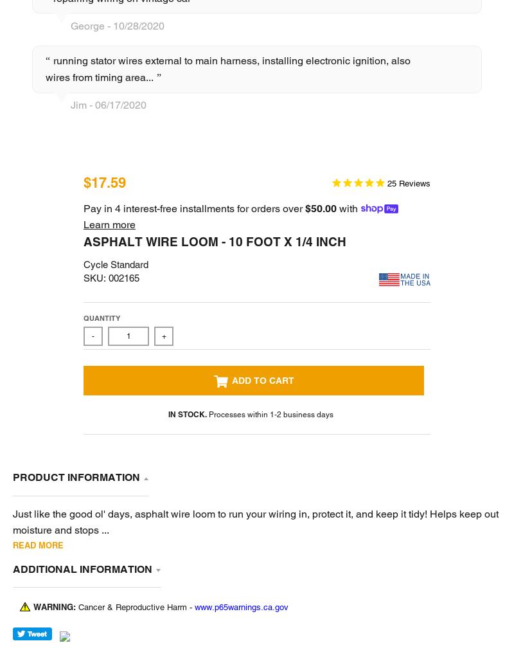  I want to click on 'WITH LOWBROW', so click(188, 624).